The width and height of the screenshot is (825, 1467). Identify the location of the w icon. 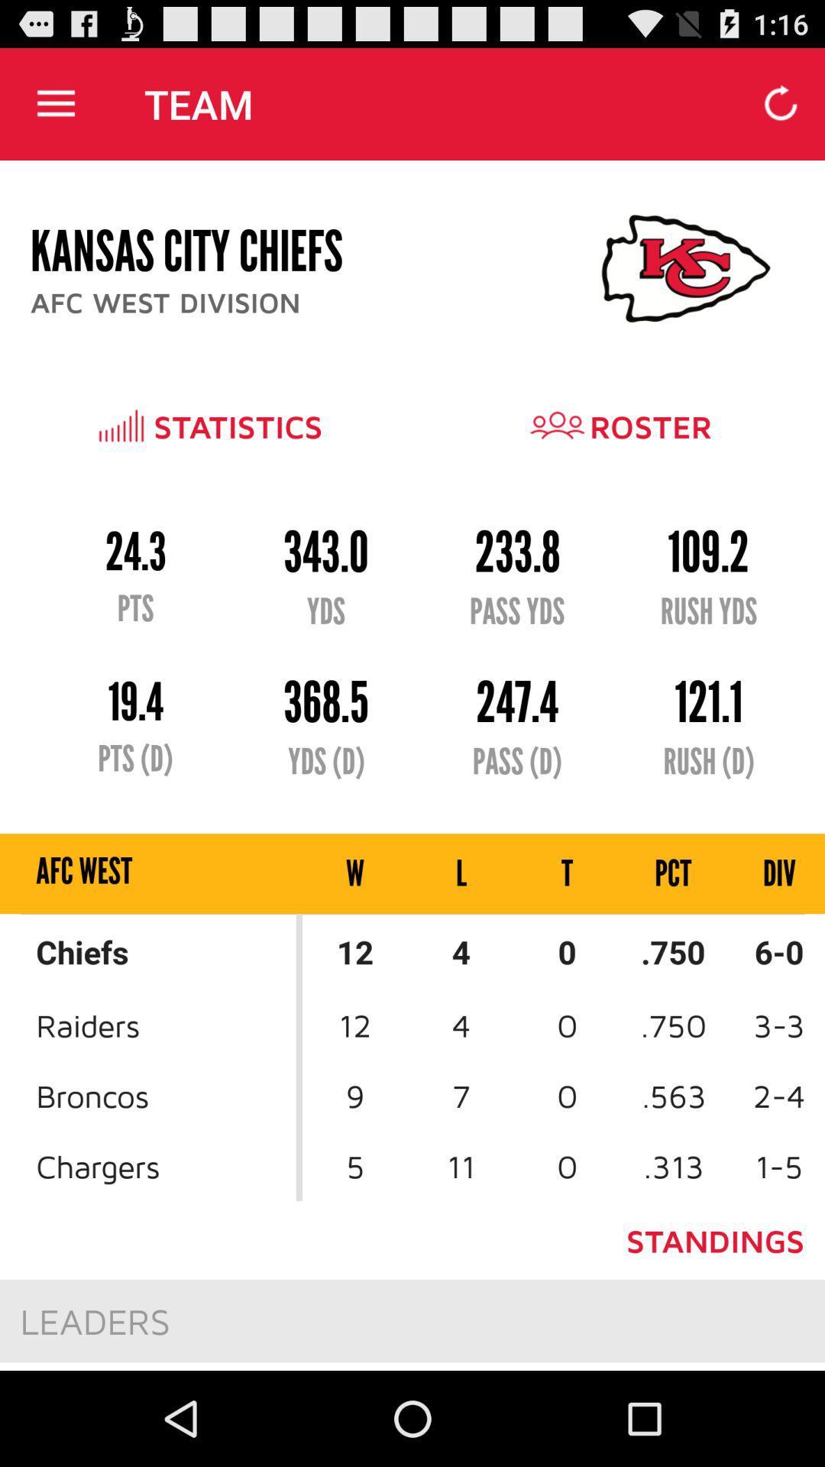
(355, 873).